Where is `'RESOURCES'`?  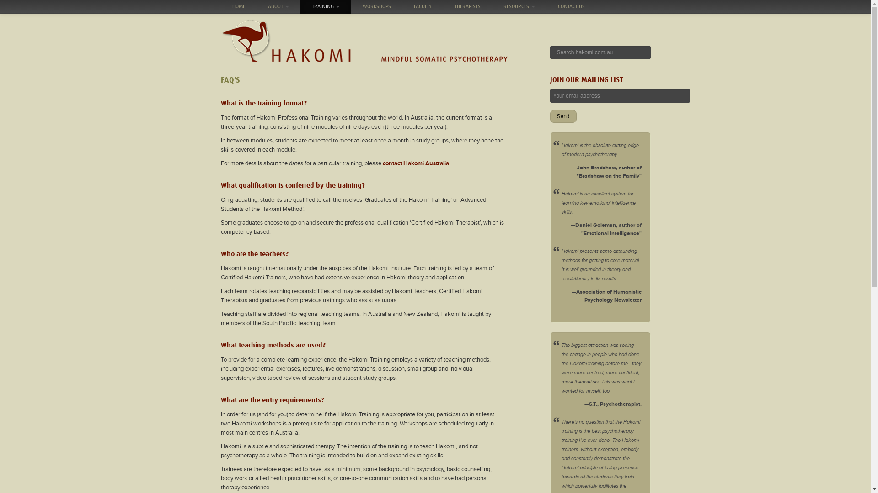
'RESOURCES' is located at coordinates (519, 7).